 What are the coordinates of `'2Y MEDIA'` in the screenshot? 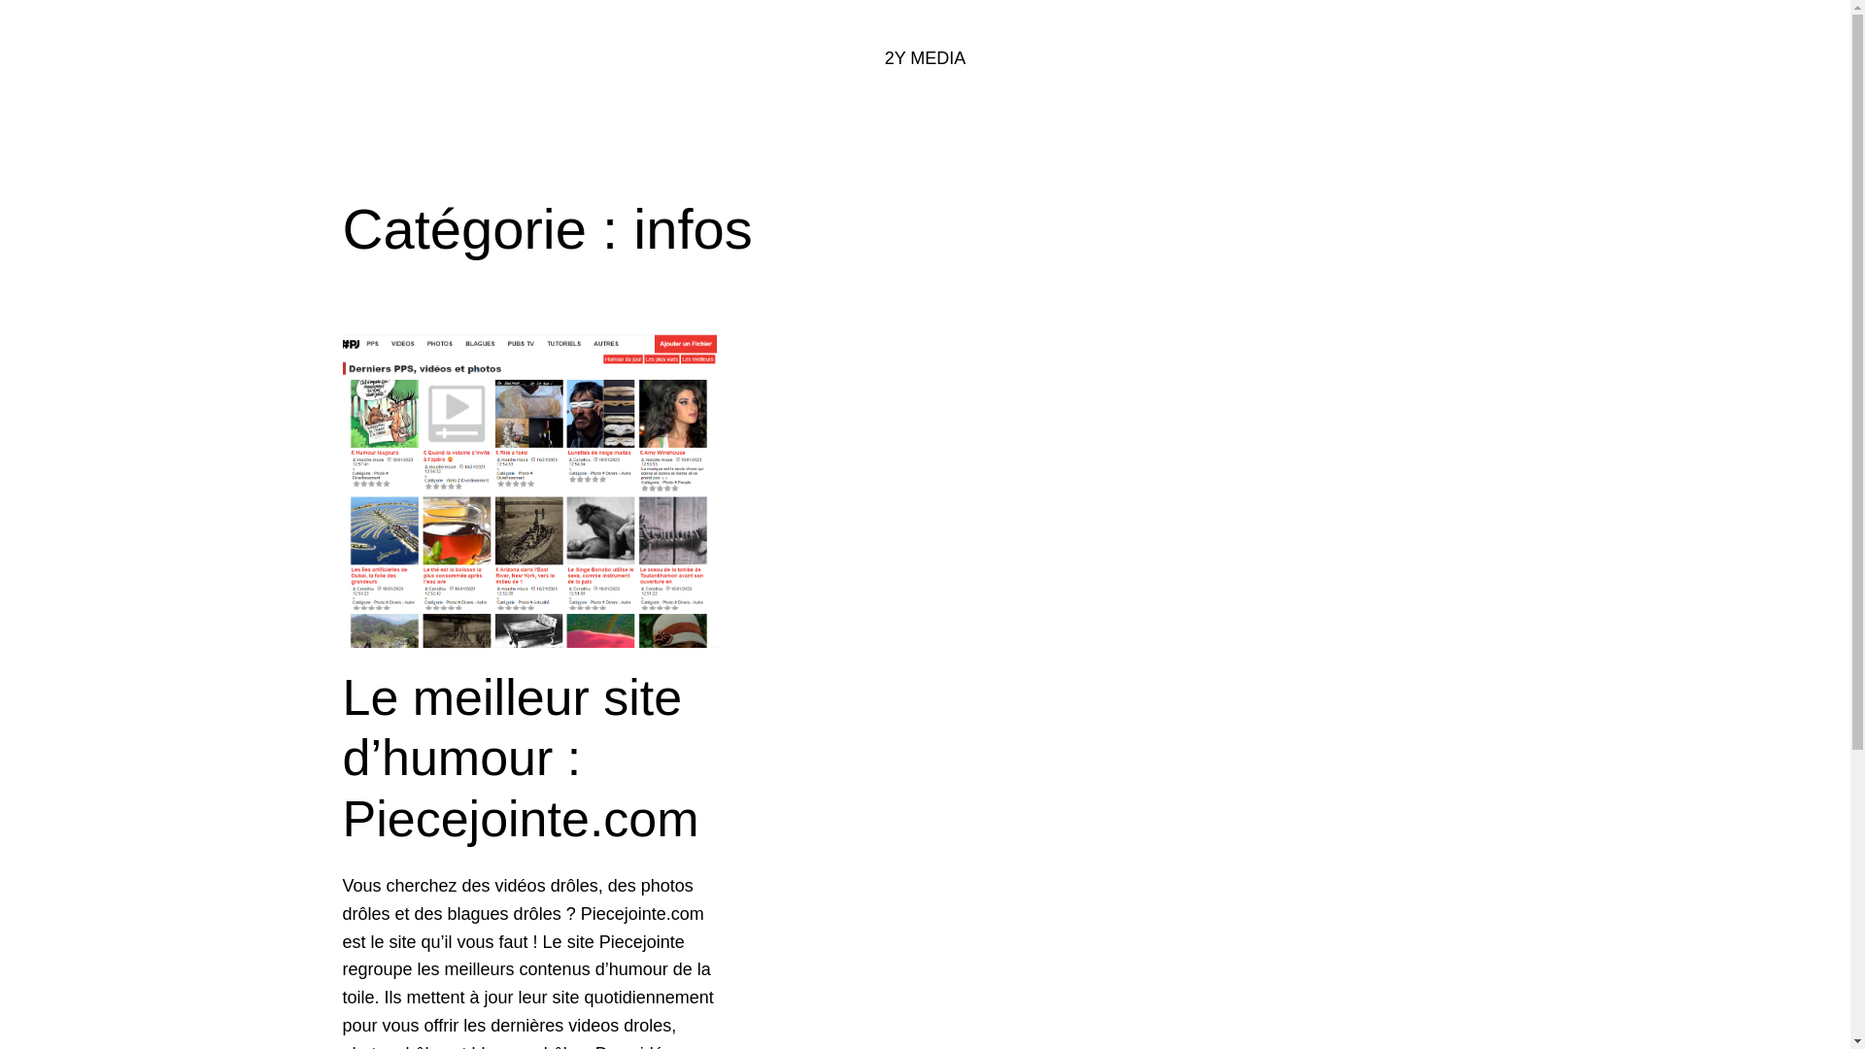 It's located at (884, 57).